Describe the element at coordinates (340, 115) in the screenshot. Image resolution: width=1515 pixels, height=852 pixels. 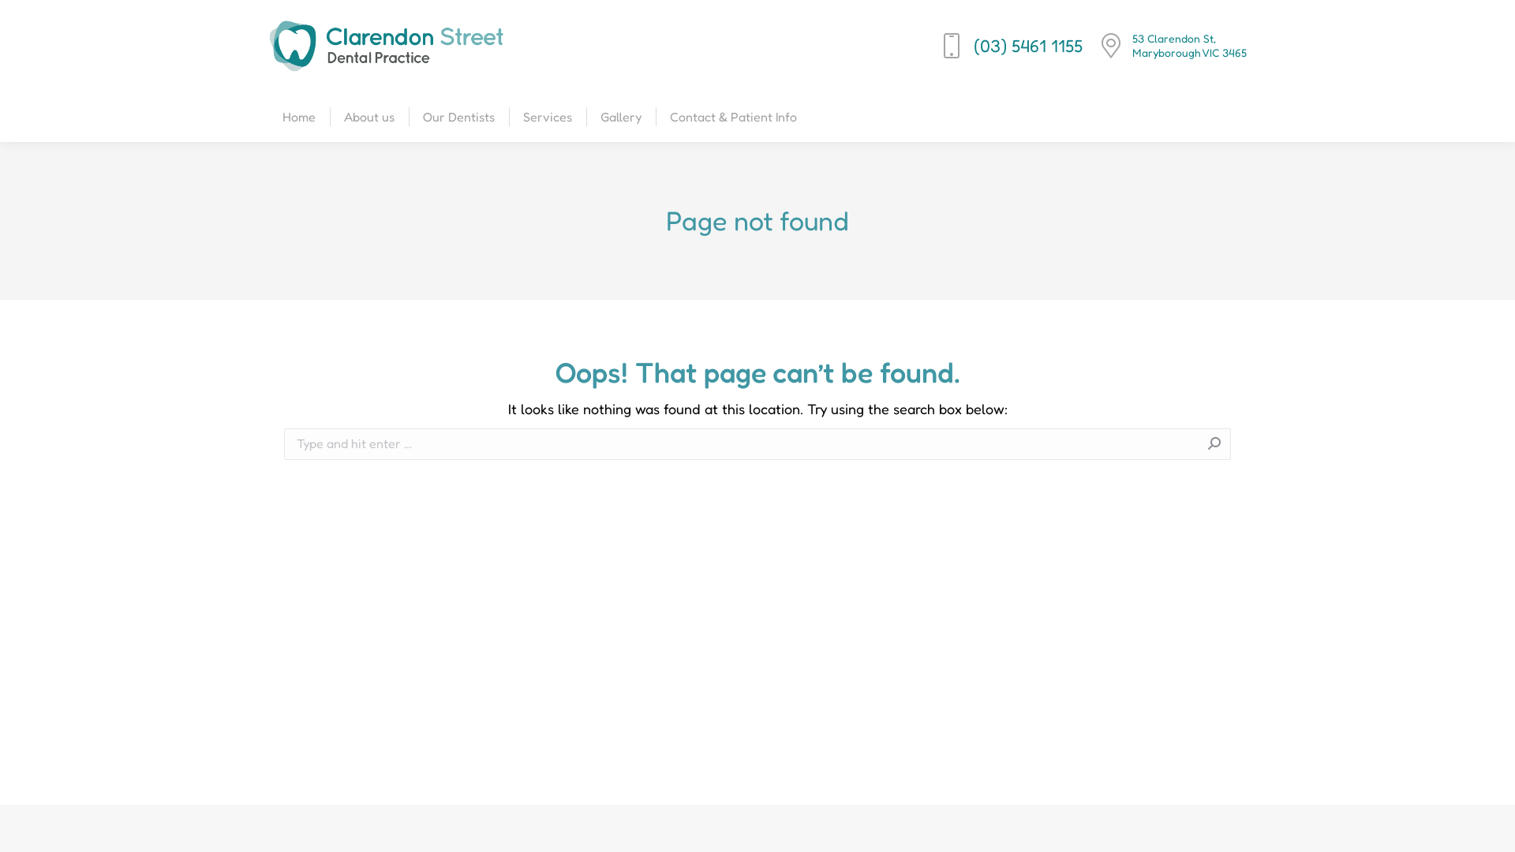
I see `'About us'` at that location.